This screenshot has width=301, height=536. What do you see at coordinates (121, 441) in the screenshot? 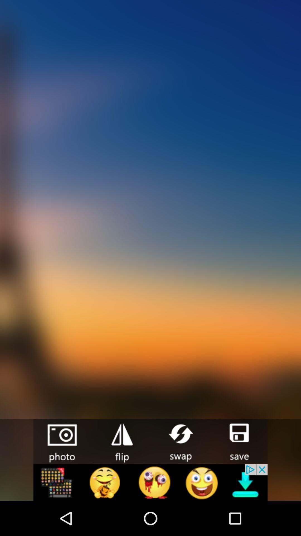
I see `flip the image 180 degrees` at bounding box center [121, 441].